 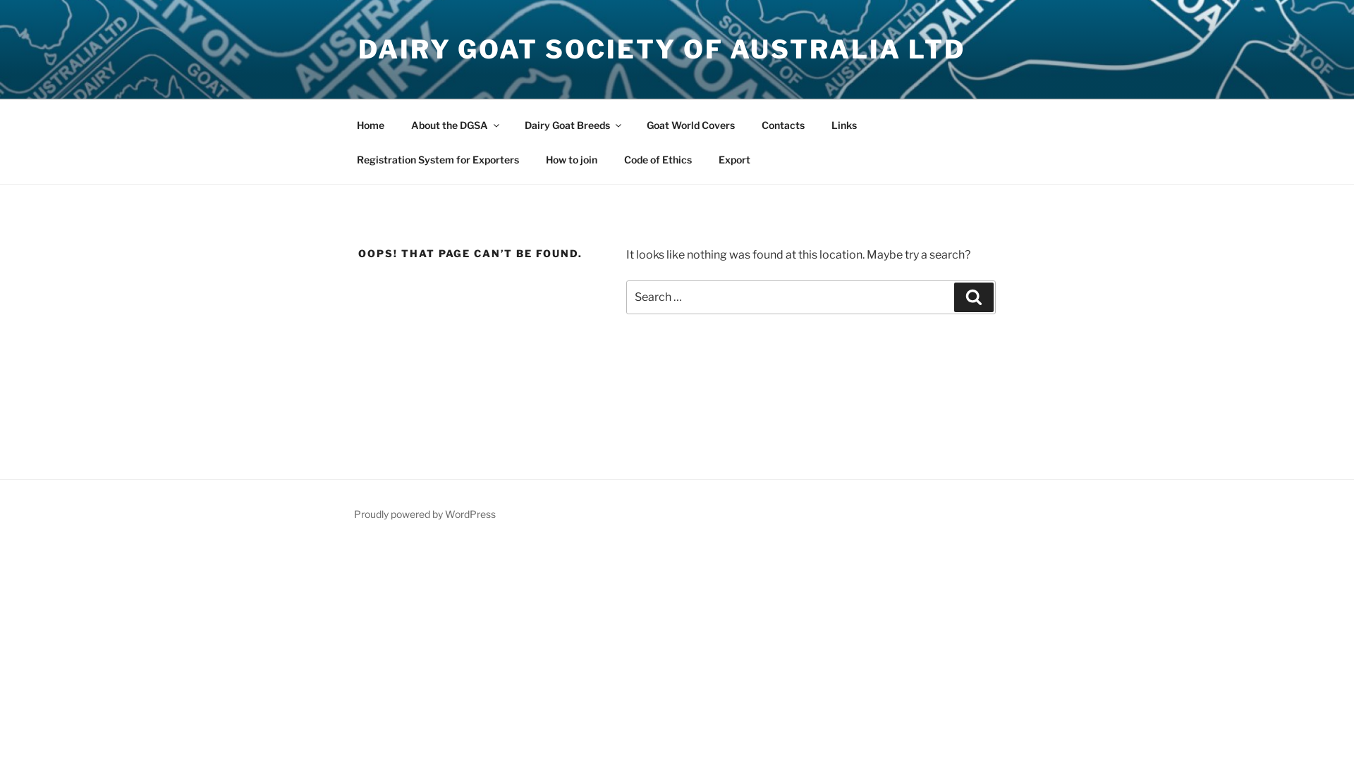 What do you see at coordinates (370, 123) in the screenshot?
I see `'Home'` at bounding box center [370, 123].